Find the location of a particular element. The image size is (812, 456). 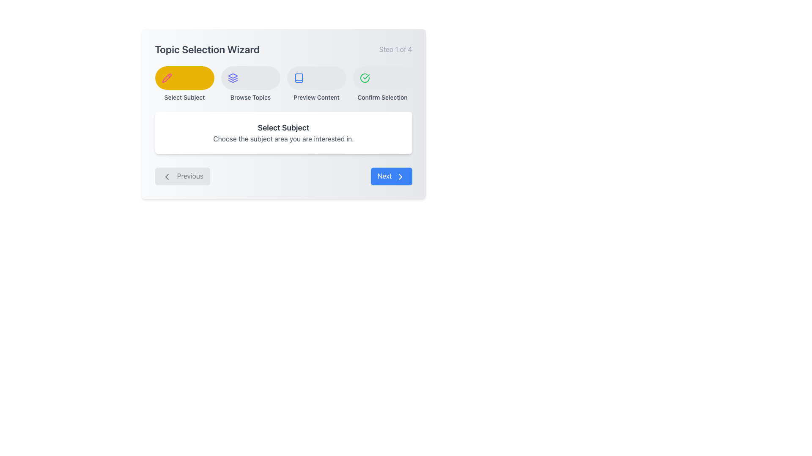

the static text label located beneath the 'Select Subject' heading, which provides additional context for the section is located at coordinates (283, 138).